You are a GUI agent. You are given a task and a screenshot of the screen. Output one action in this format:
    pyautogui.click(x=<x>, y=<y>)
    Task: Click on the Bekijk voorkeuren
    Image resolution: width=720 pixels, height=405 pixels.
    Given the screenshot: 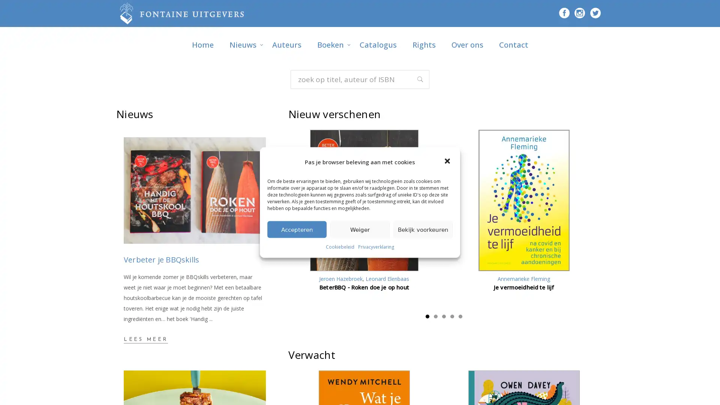 What is the action you would take?
    pyautogui.click(x=423, y=229)
    